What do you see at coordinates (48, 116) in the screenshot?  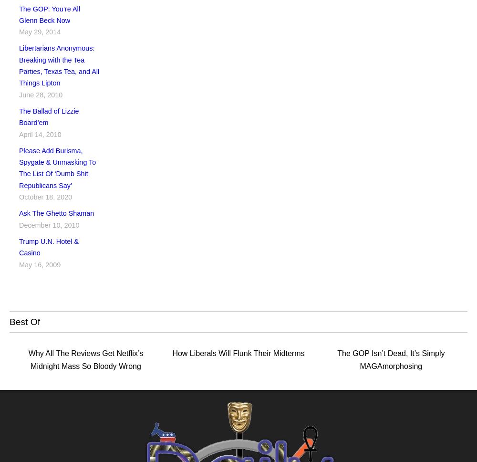 I see `'The Ballad of Lizzie Board’em'` at bounding box center [48, 116].